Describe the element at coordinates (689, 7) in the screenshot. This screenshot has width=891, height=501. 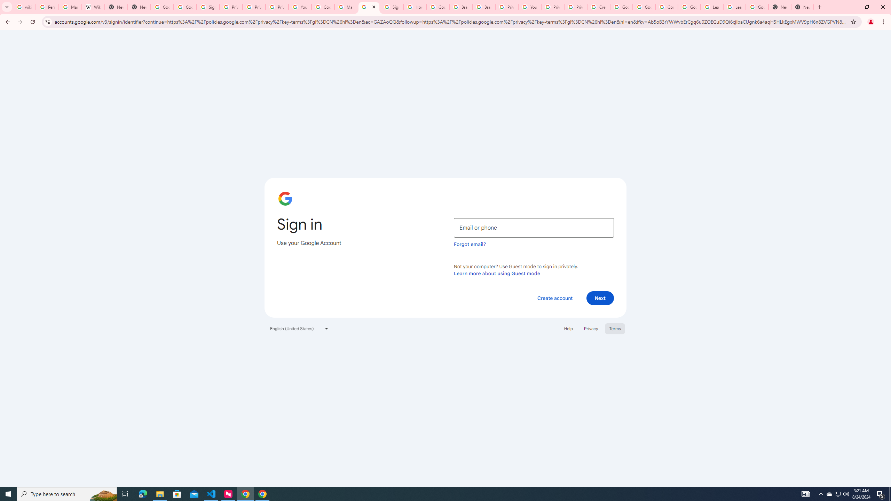
I see `'Google Account Help'` at that location.